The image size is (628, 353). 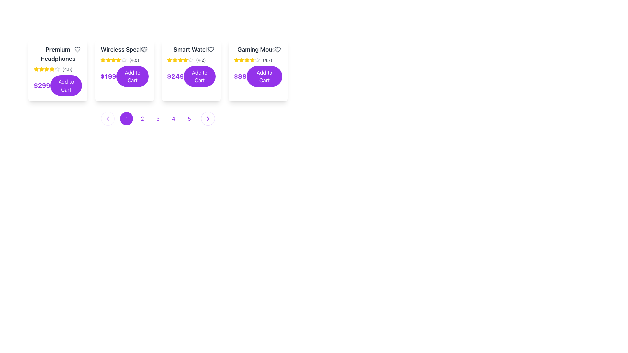 I want to click on the third yellow star in the star rating section of the 'Smart Watch' product card to update the rating to 3 stars, so click(x=175, y=60).